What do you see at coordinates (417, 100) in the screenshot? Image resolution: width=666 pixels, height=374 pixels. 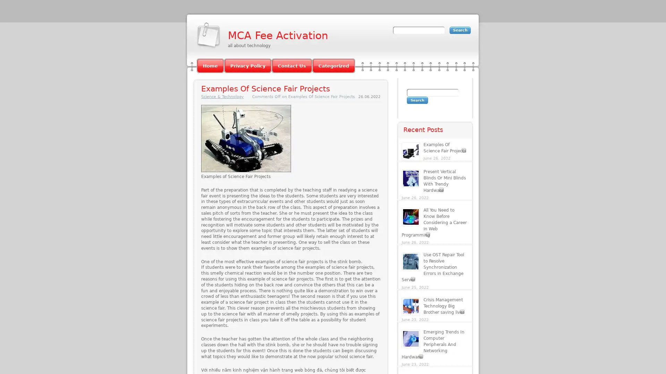 I see `Search` at bounding box center [417, 100].